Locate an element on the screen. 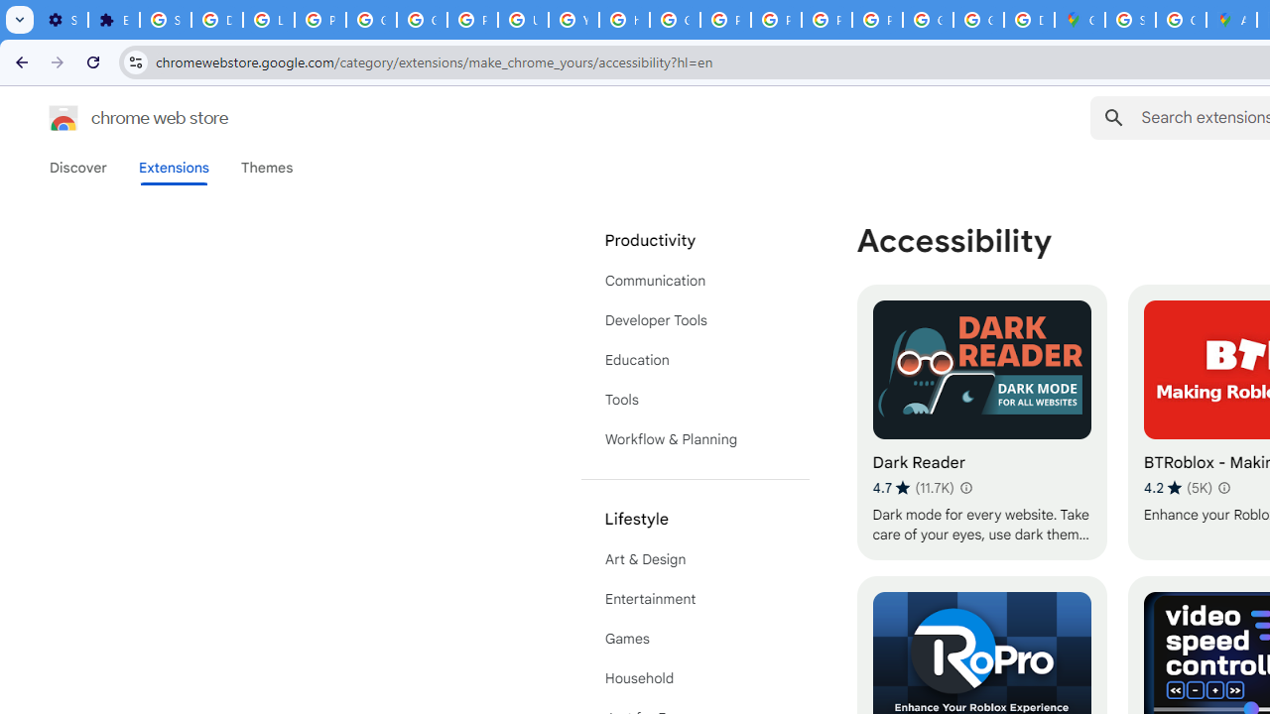 Image resolution: width=1270 pixels, height=714 pixels. 'Themes' is located at coordinates (266, 167).